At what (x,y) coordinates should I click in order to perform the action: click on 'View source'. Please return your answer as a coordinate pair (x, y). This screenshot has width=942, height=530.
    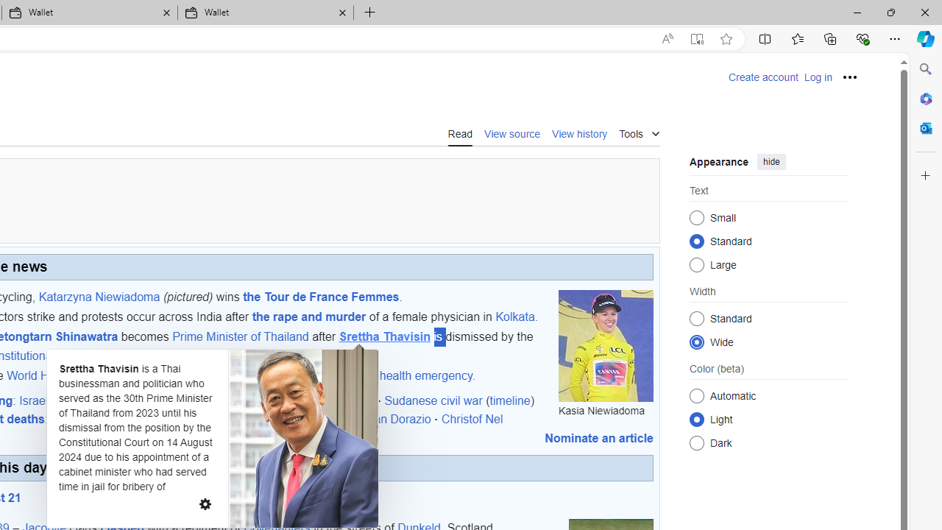
    Looking at the image, I should click on (512, 132).